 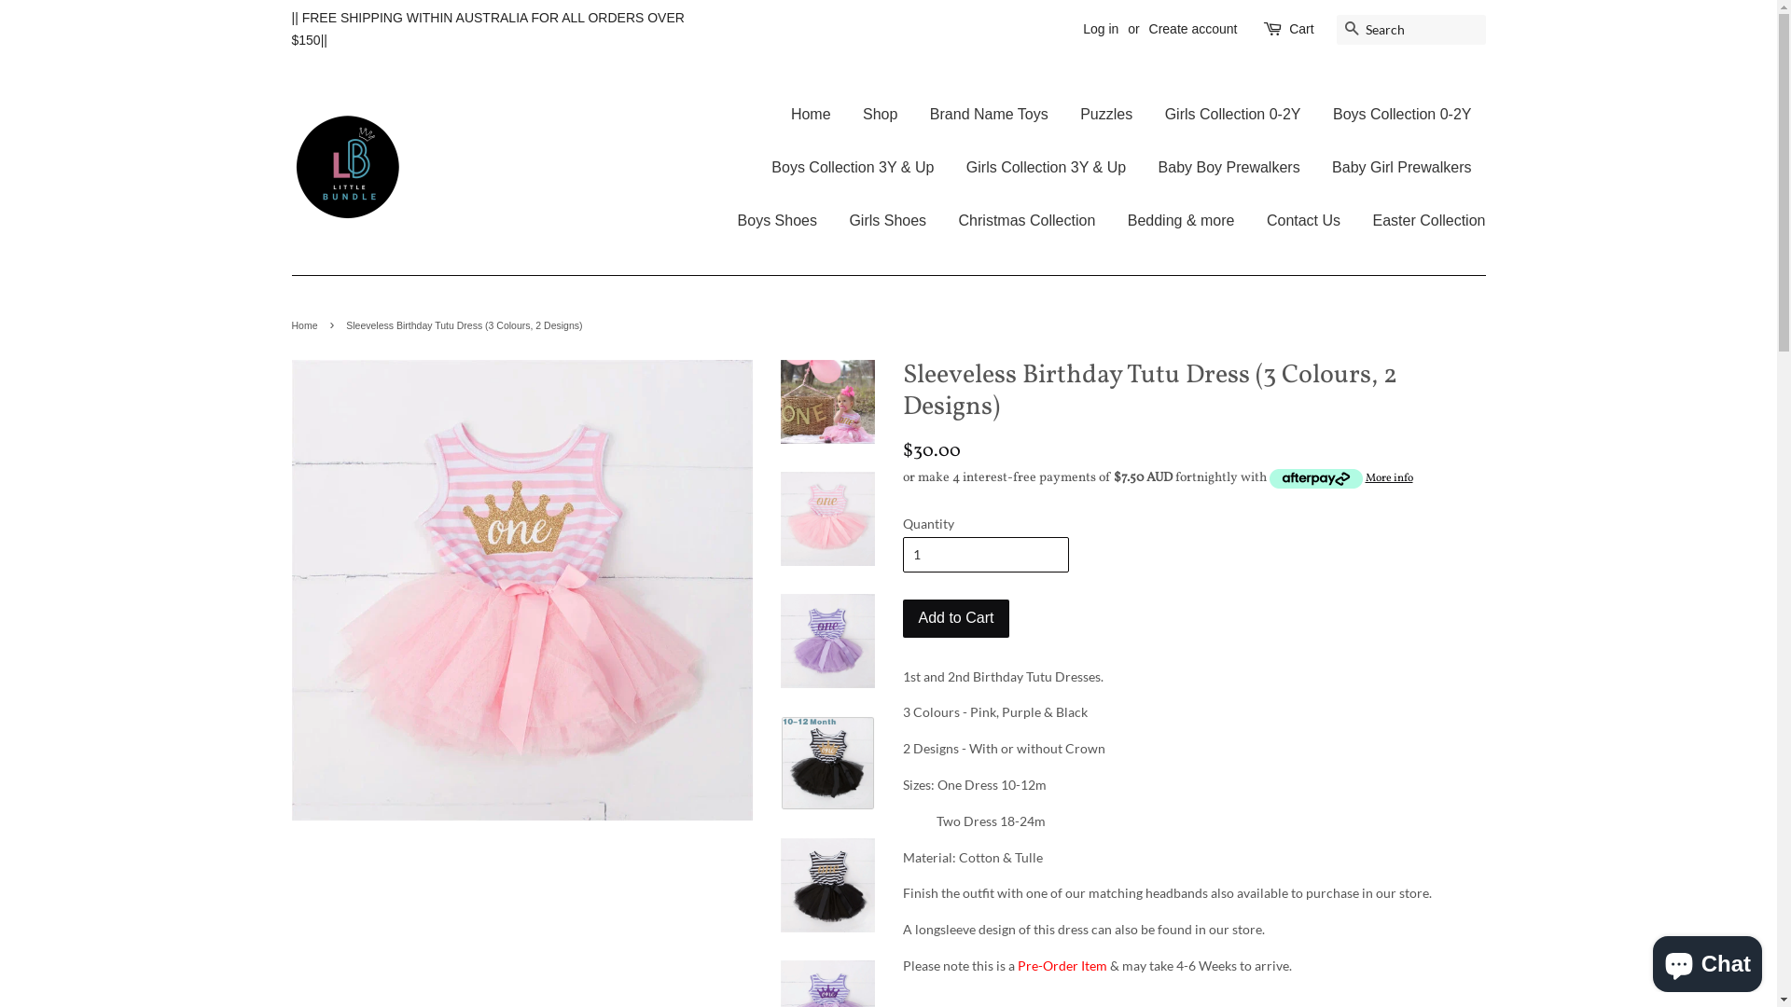 I want to click on 'Cart', so click(x=1300, y=29).